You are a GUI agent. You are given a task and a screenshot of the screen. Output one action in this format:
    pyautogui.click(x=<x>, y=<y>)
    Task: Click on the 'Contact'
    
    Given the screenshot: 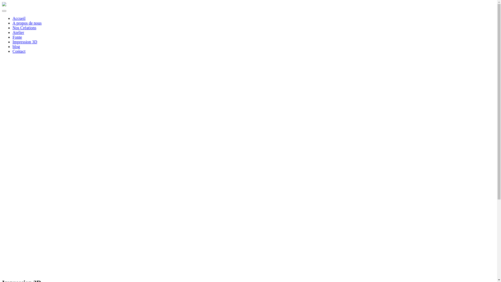 What is the action you would take?
    pyautogui.click(x=13, y=51)
    